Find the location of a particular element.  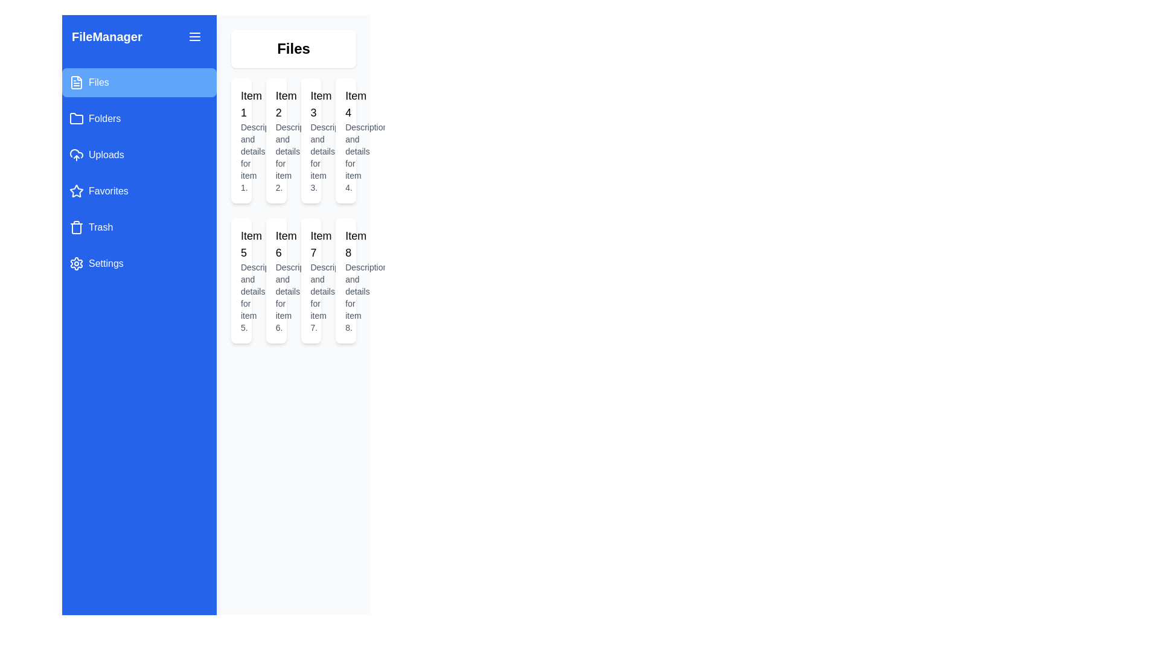

the 'Favorites' icon located in the vertical navigation panel is located at coordinates (75, 190).